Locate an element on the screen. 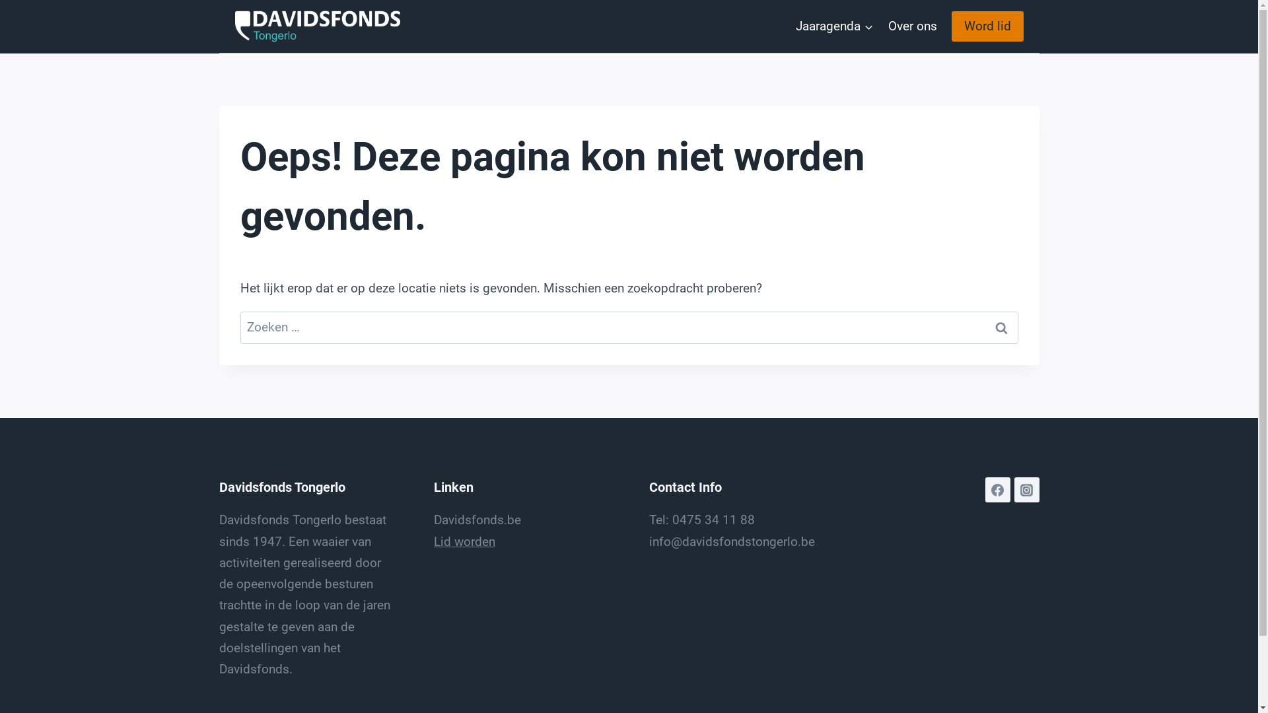 This screenshot has height=713, width=1268. 'Lid worden' is located at coordinates (464, 541).